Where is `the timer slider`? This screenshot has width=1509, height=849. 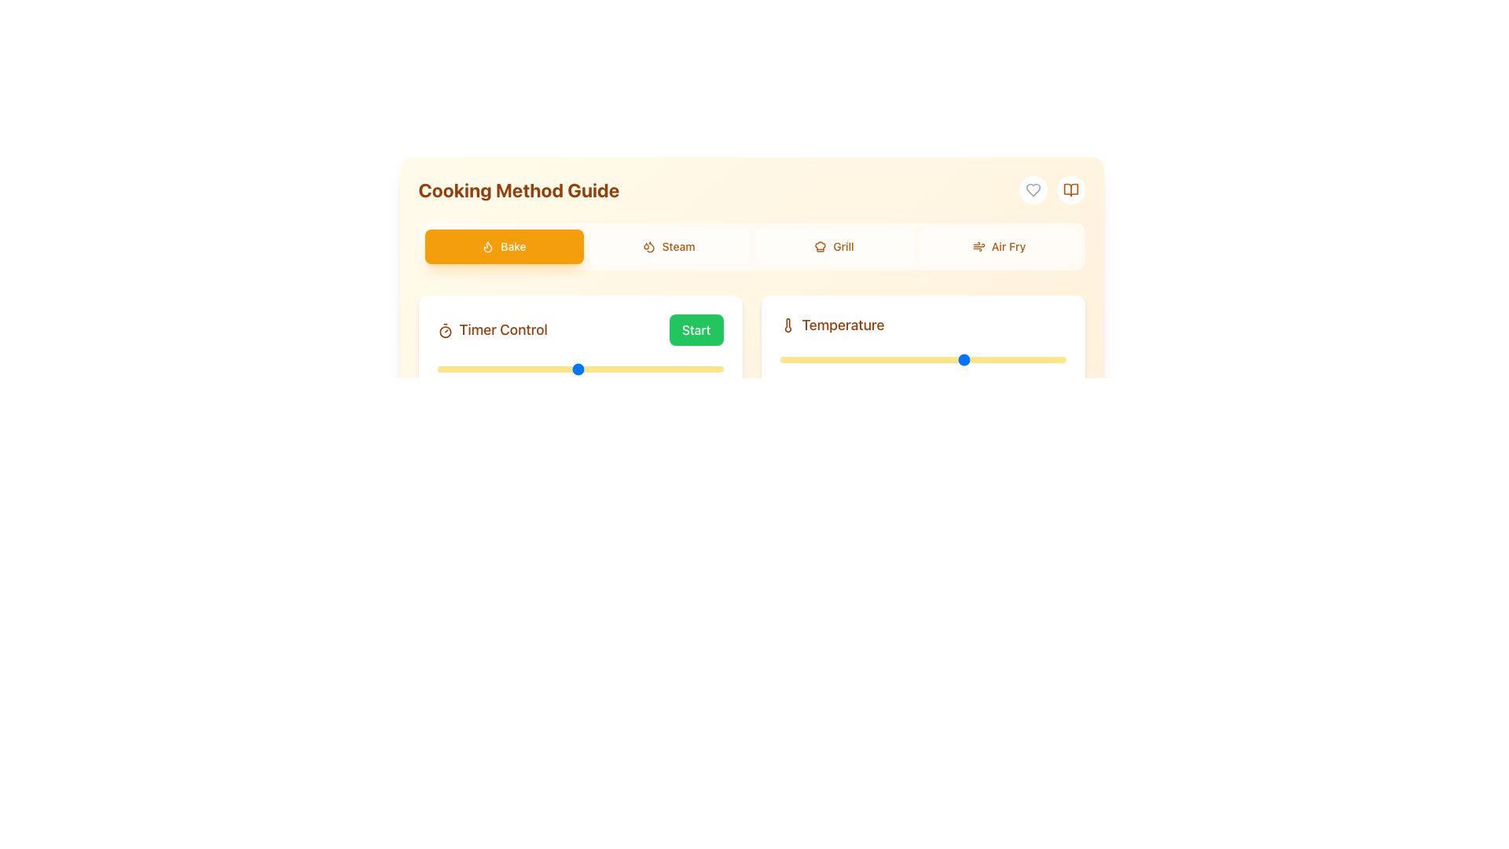
the timer slider is located at coordinates (549, 369).